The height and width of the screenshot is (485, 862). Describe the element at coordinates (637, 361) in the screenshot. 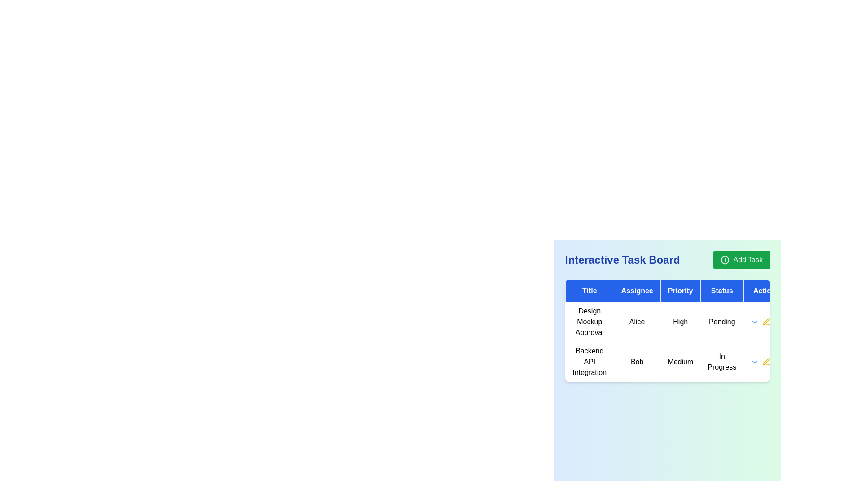

I see `the static text label displaying the name 'Bob' in the 'Assignee' column of the Interactive Task Board interface` at that location.